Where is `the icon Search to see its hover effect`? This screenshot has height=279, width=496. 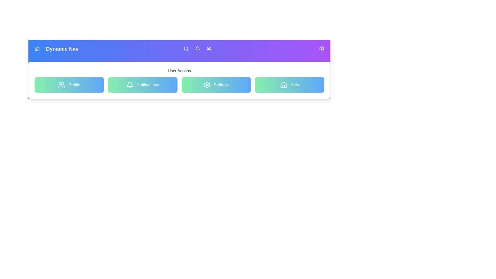
the icon Search to see its hover effect is located at coordinates (186, 49).